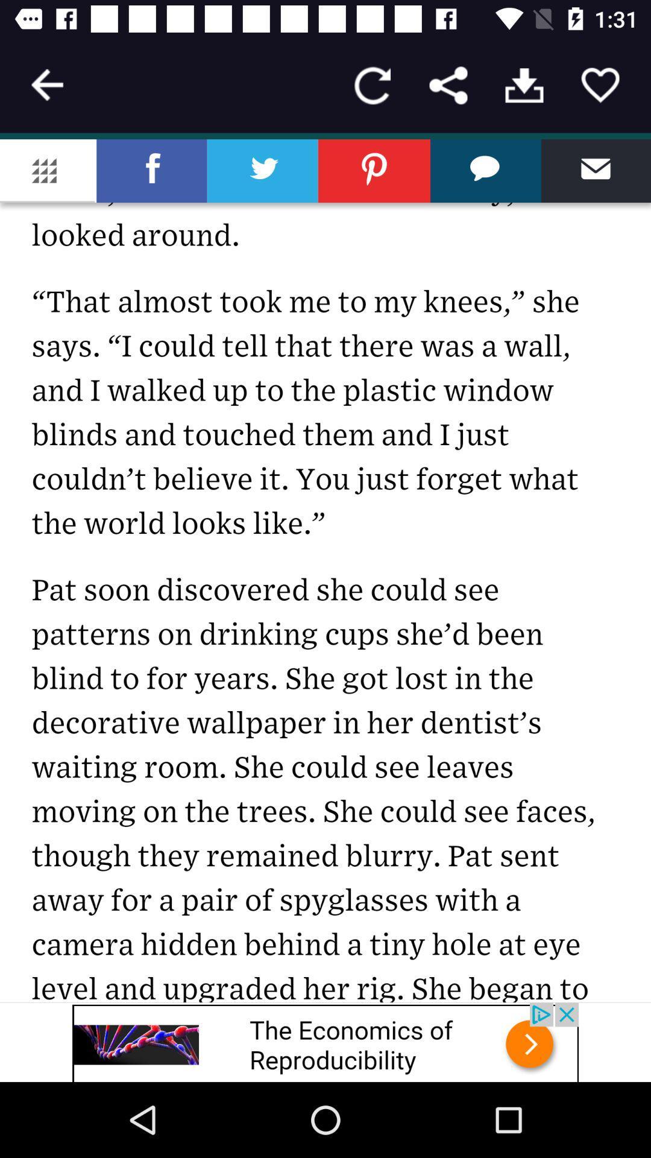  What do you see at coordinates (371, 84) in the screenshot?
I see `replay button` at bounding box center [371, 84].